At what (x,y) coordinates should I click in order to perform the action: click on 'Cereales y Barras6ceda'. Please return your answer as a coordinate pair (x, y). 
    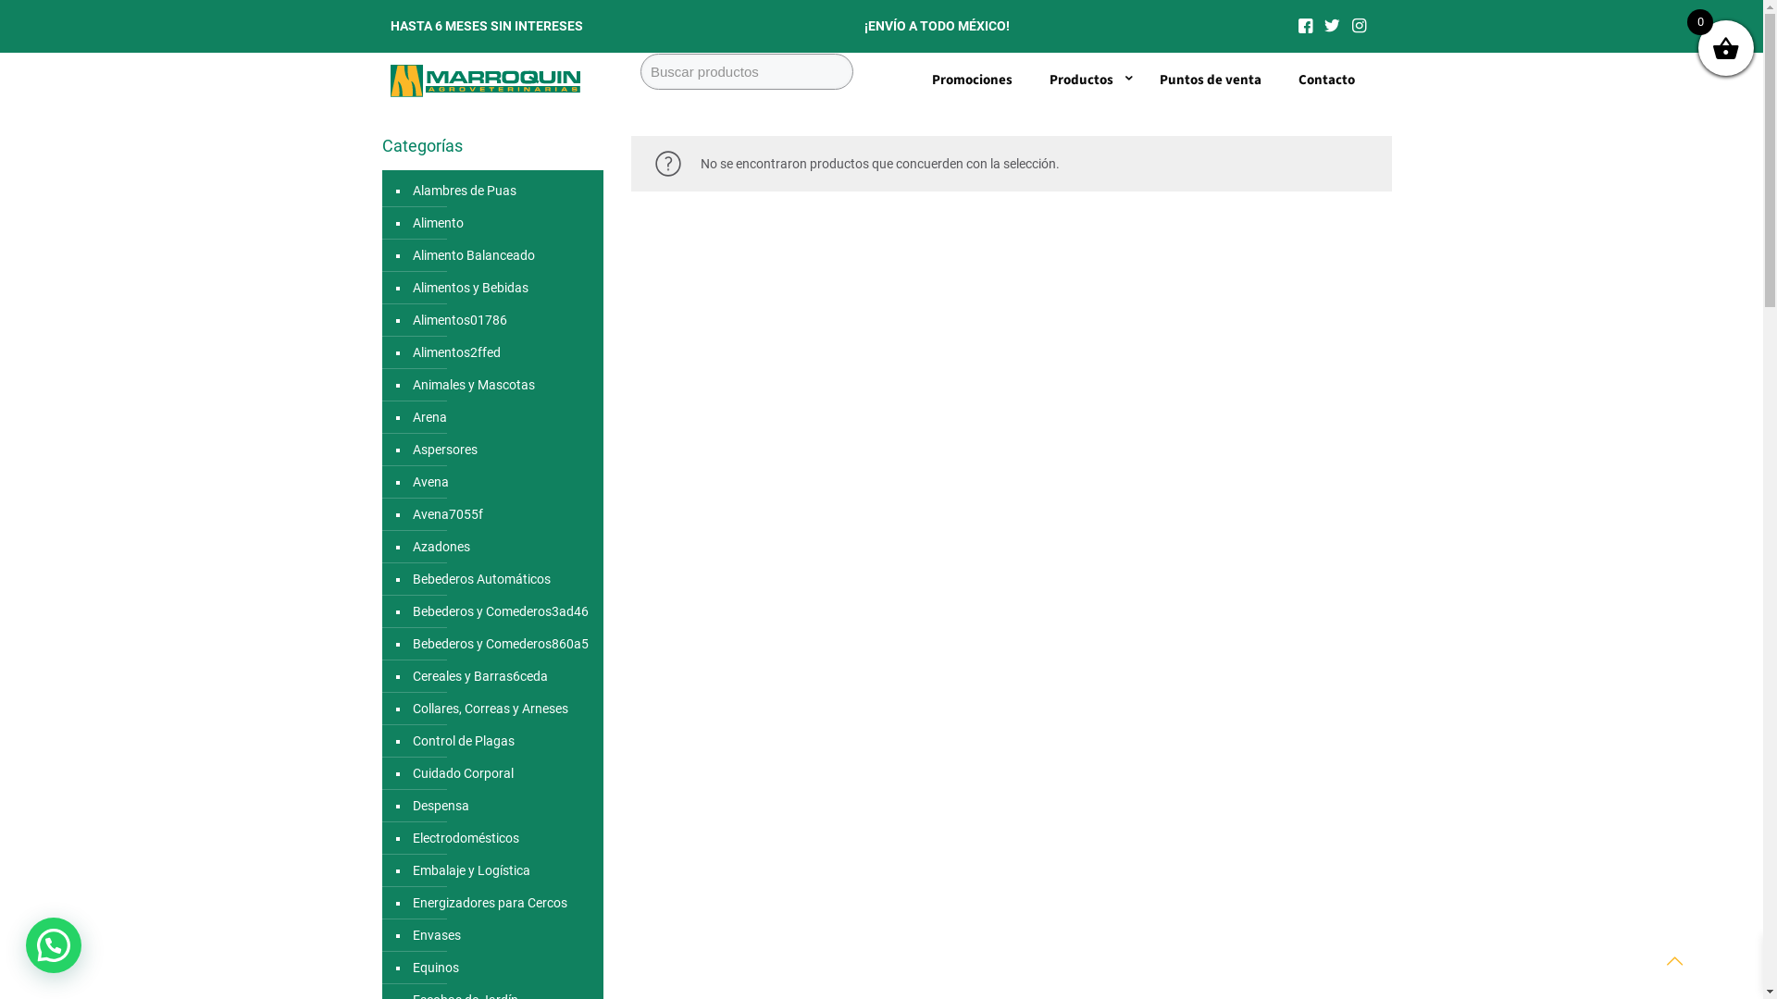
    Looking at the image, I should click on (407, 676).